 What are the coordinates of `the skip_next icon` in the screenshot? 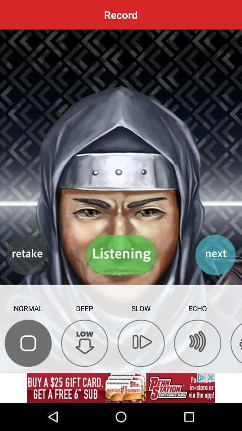 It's located at (141, 367).